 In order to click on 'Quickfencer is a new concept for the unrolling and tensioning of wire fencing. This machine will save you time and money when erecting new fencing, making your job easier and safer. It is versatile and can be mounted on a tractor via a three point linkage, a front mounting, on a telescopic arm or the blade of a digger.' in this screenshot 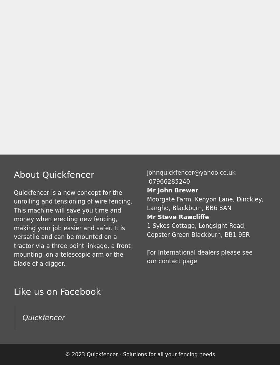, I will do `click(73, 228)`.